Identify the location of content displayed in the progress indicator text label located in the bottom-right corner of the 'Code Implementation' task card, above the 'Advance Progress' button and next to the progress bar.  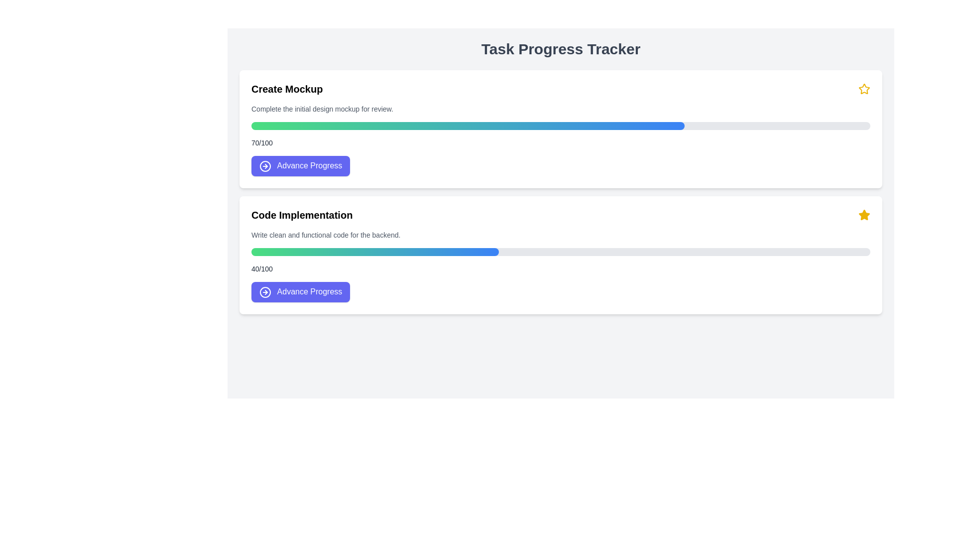
(262, 268).